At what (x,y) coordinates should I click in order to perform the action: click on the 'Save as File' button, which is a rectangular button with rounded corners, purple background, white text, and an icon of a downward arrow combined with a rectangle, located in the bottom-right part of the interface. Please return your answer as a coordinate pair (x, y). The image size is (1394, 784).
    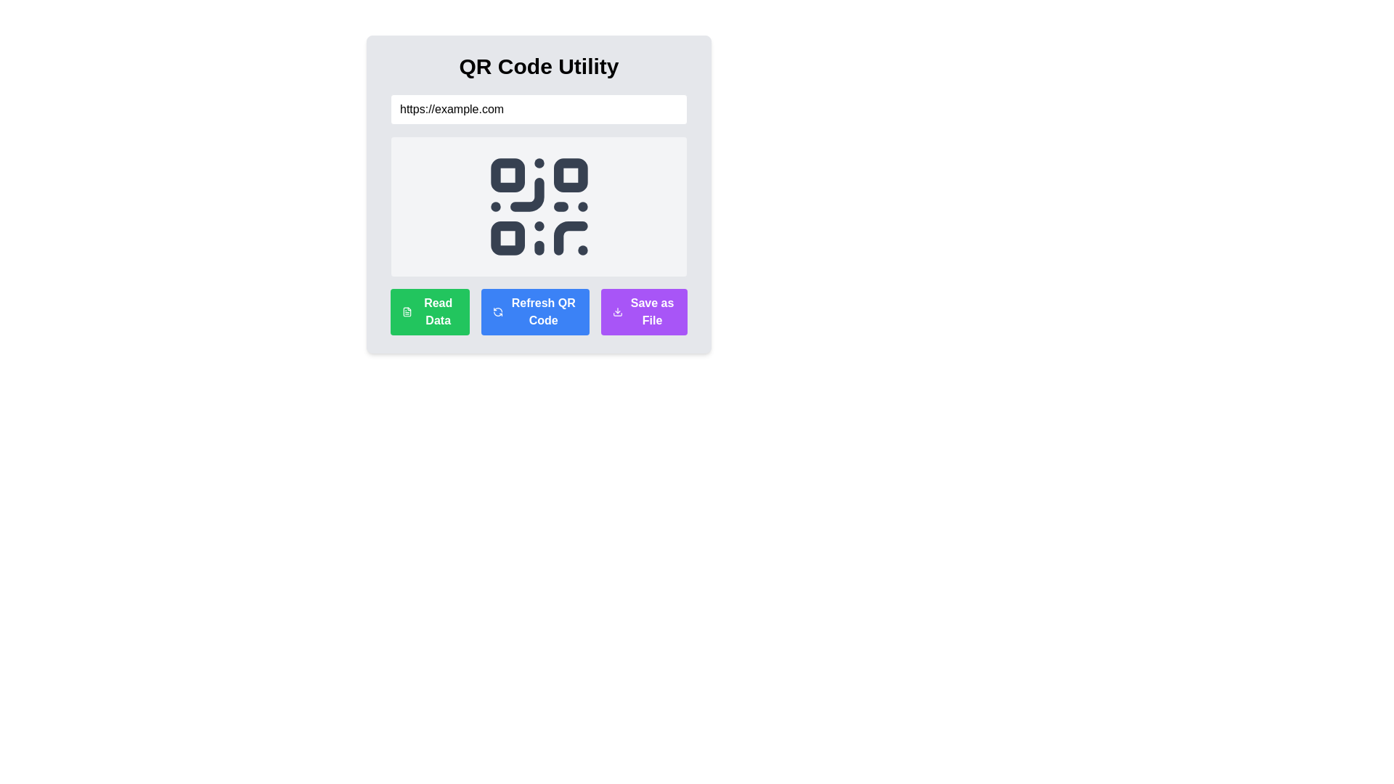
    Looking at the image, I should click on (643, 311).